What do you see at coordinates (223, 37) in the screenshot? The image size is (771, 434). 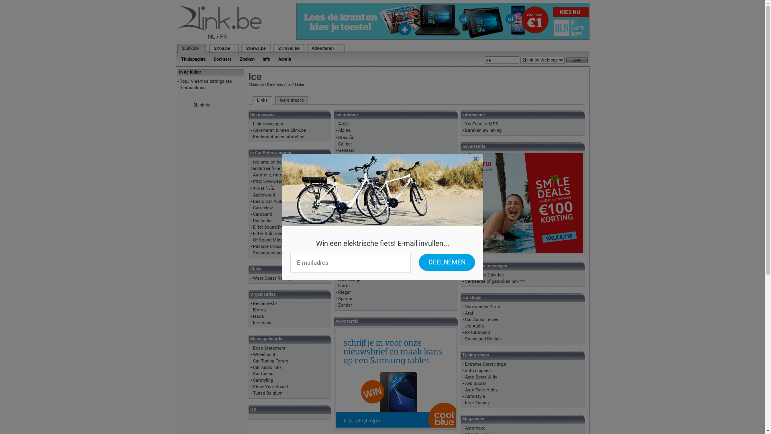 I see `'FR'` at bounding box center [223, 37].